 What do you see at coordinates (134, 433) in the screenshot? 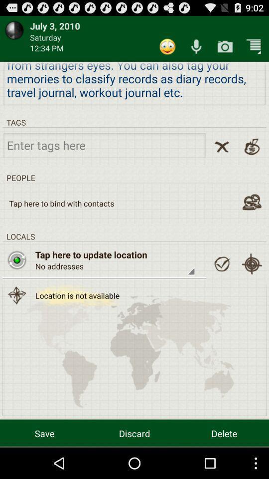
I see `discard icon` at bounding box center [134, 433].